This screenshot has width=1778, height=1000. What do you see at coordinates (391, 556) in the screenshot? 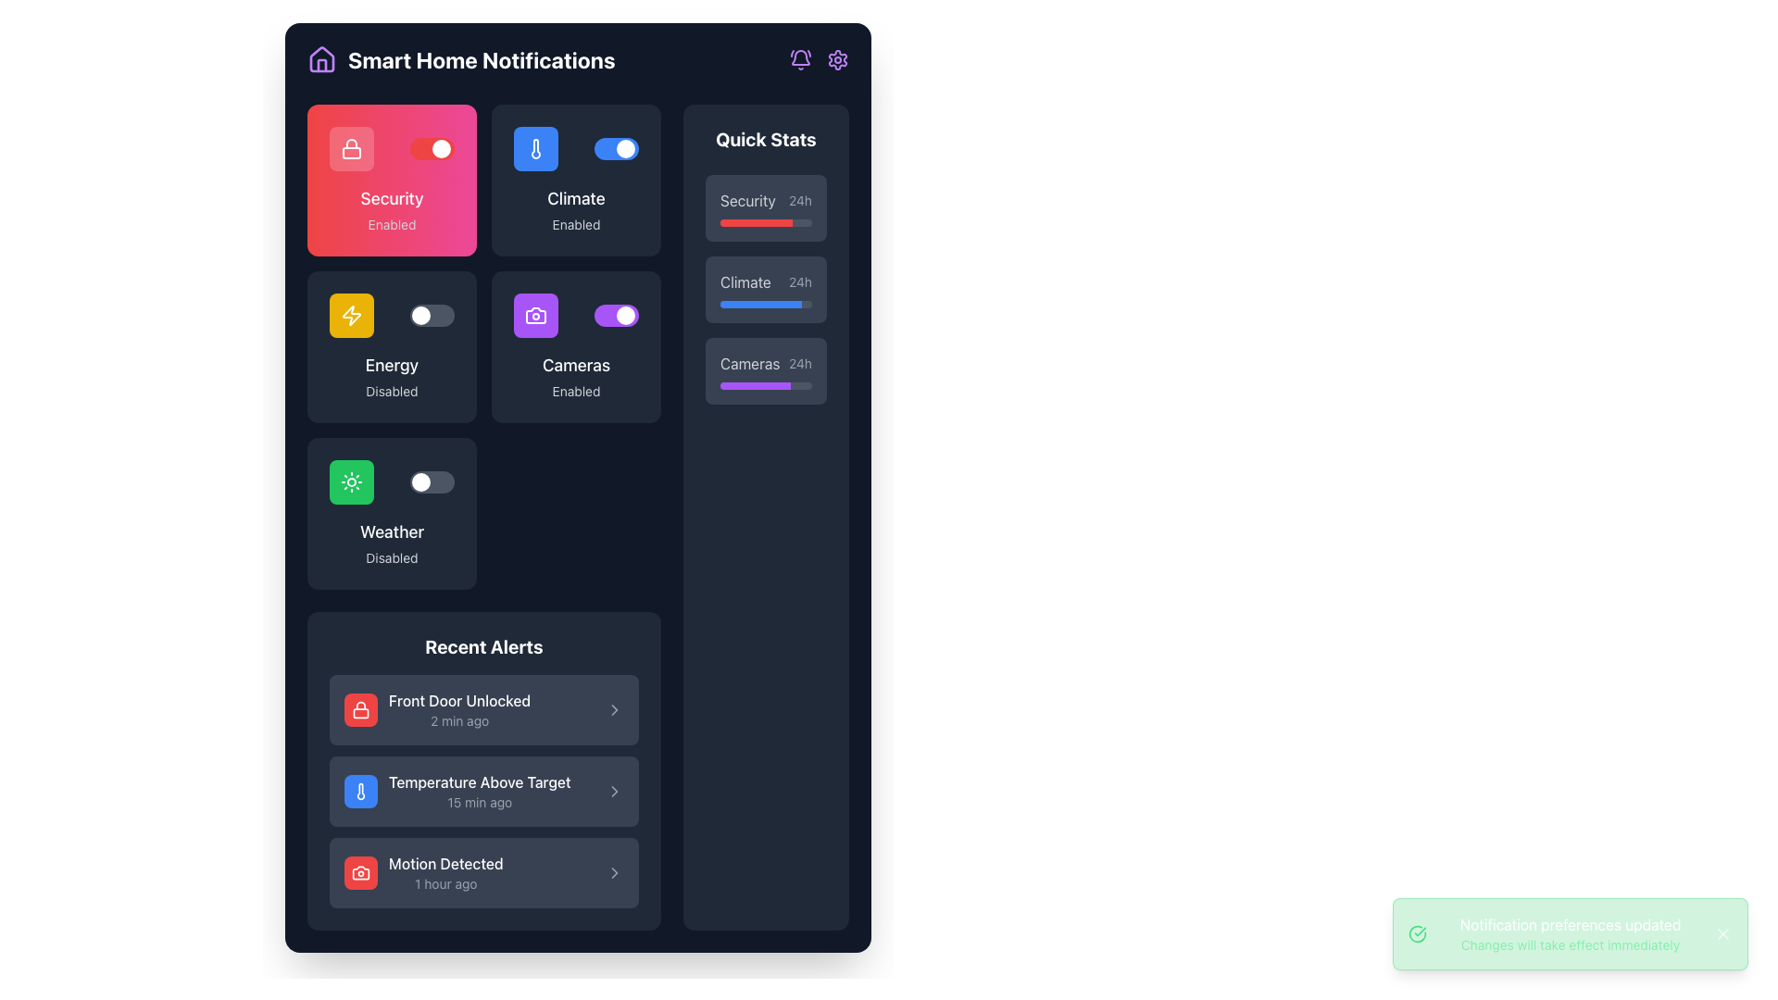
I see `the text label that contains the word 'Disabled', which is styled in small gray font and located at the bottom section of the 'Weather' card` at bounding box center [391, 556].